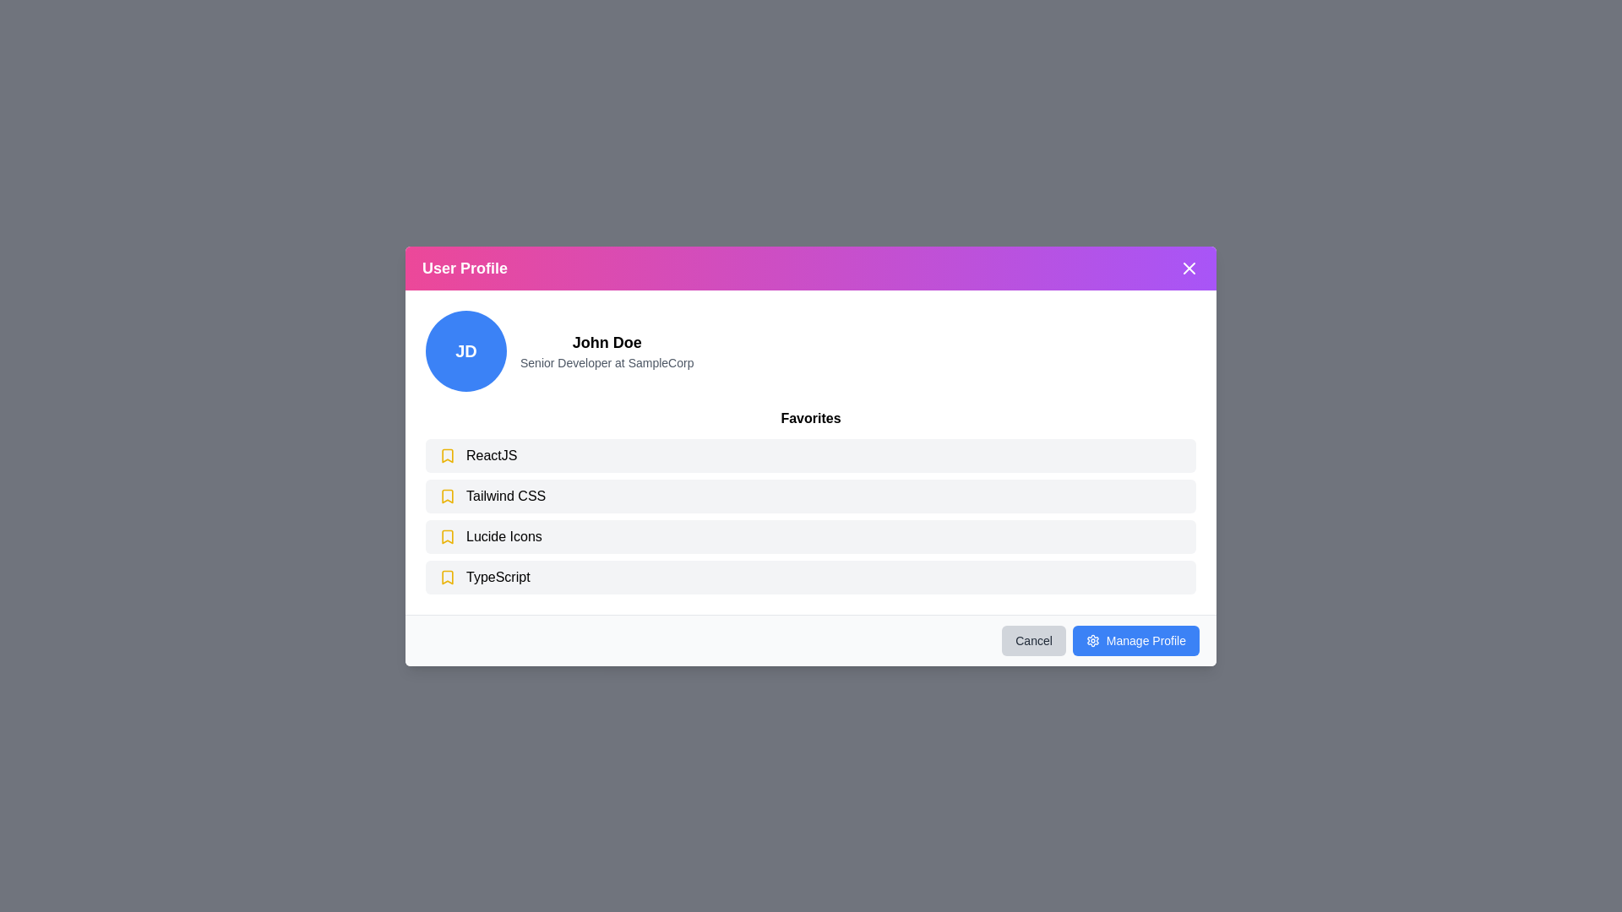 The height and width of the screenshot is (912, 1622). What do you see at coordinates (607, 350) in the screenshot?
I see `the Text Display element in the user profile section that shows 'John Doe' and 'Senior Developer at SampleCorp'` at bounding box center [607, 350].